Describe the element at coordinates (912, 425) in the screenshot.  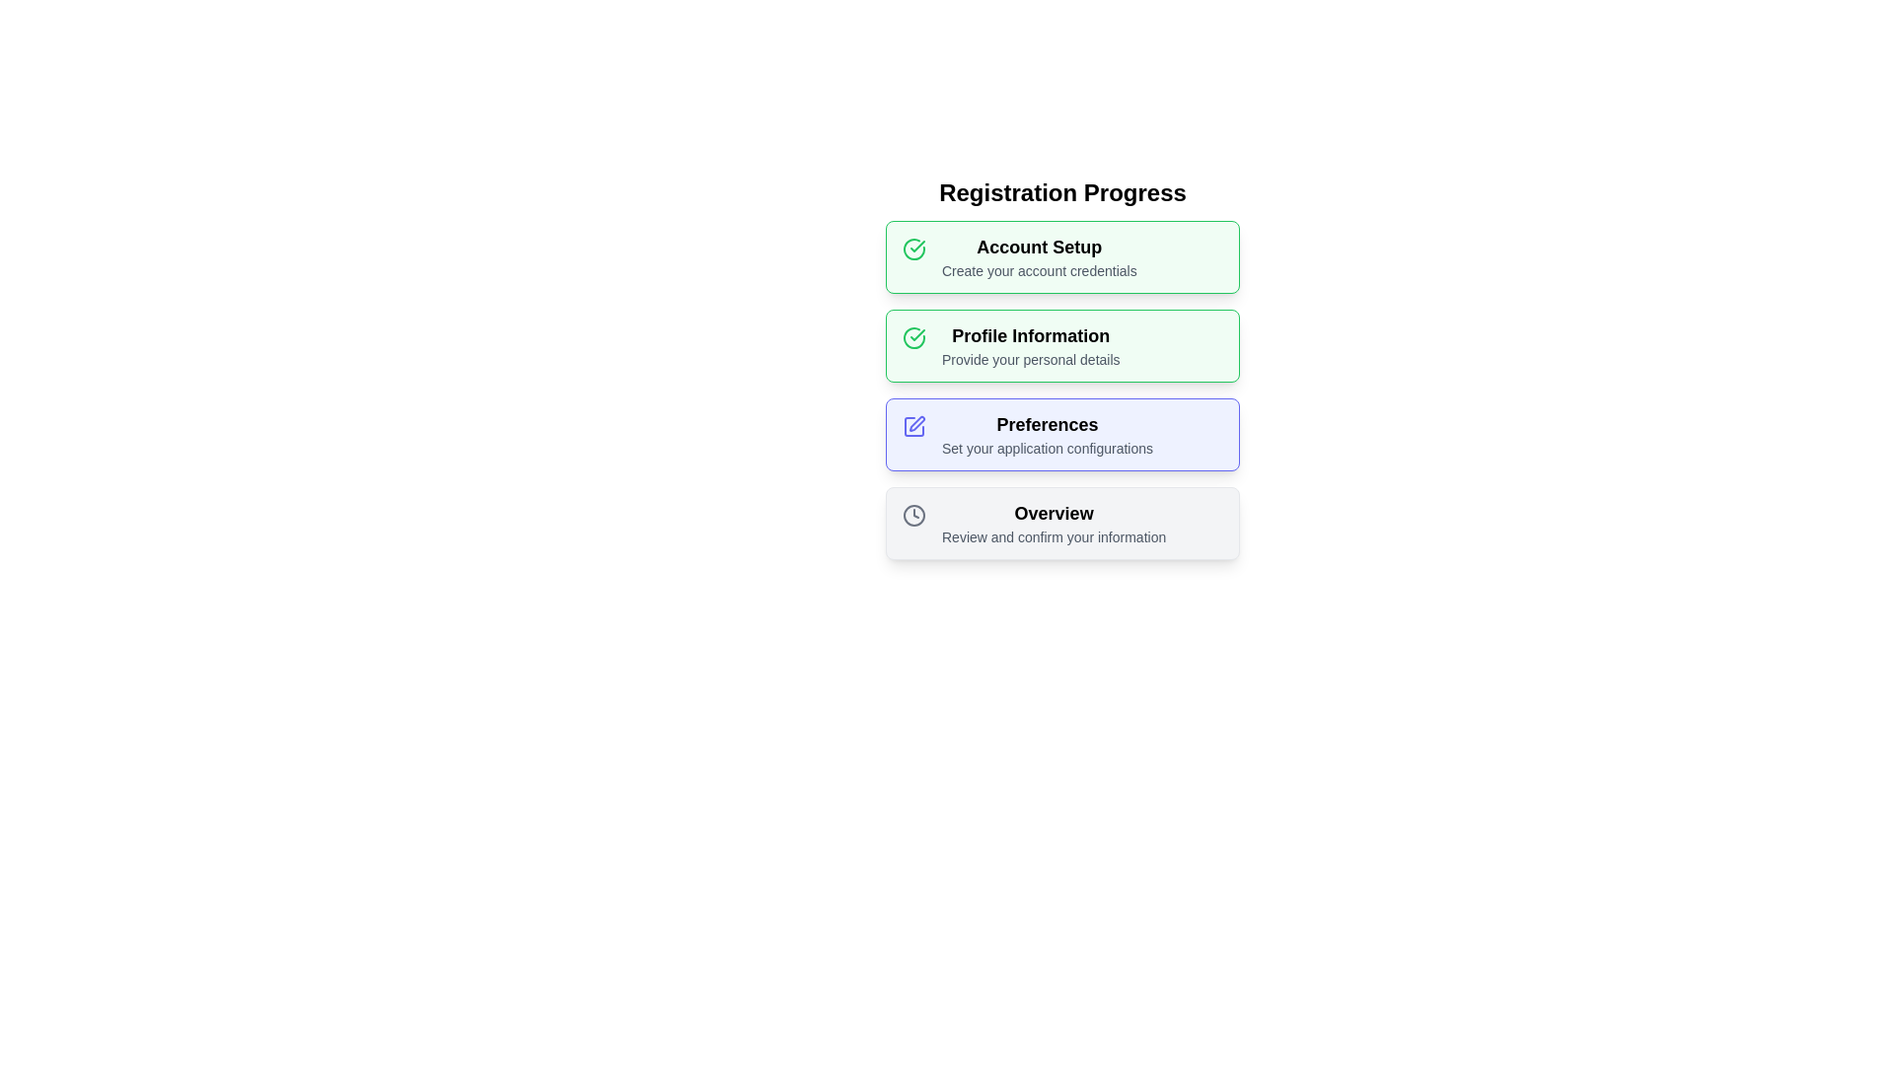
I see `the square-shaped icon with a blue outline located in the 'Preferences' step of the registration progress interface` at that location.